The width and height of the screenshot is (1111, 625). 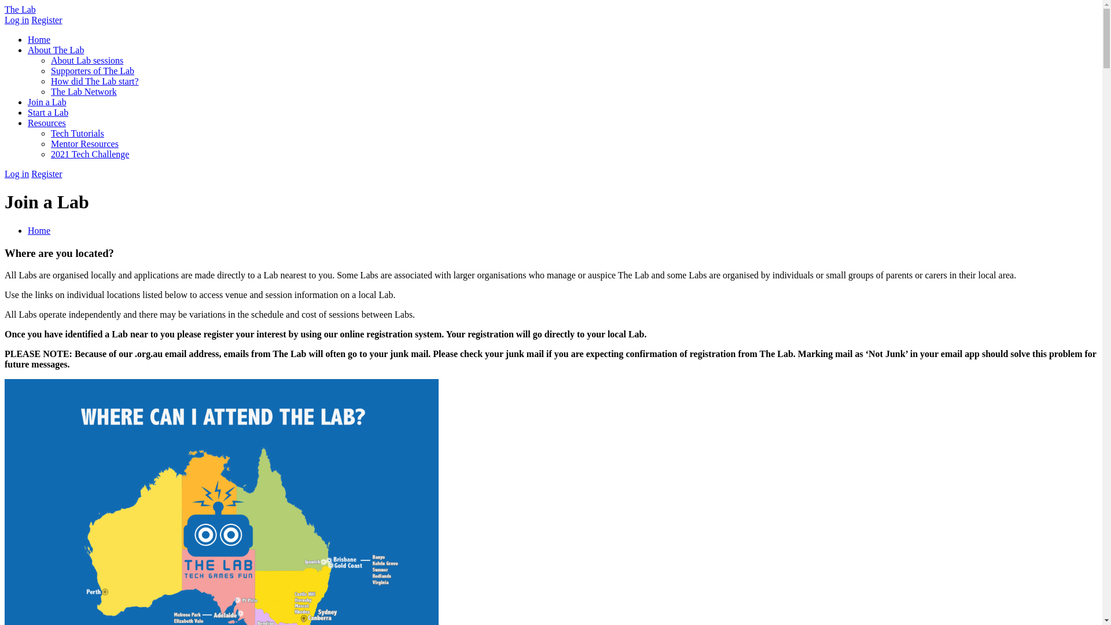 What do you see at coordinates (46, 174) in the screenshot?
I see `'Register'` at bounding box center [46, 174].